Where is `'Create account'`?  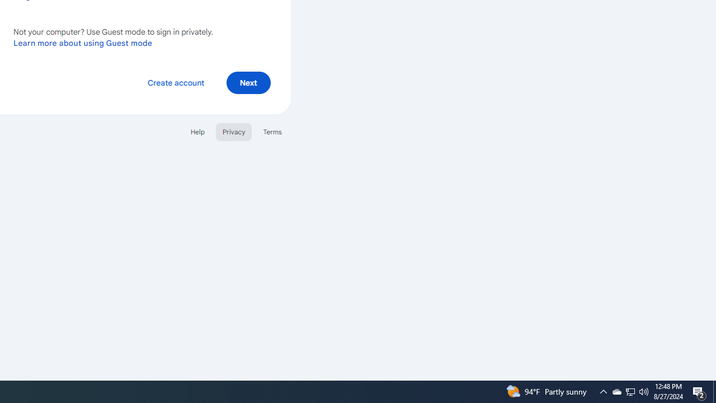 'Create account' is located at coordinates (175, 82).